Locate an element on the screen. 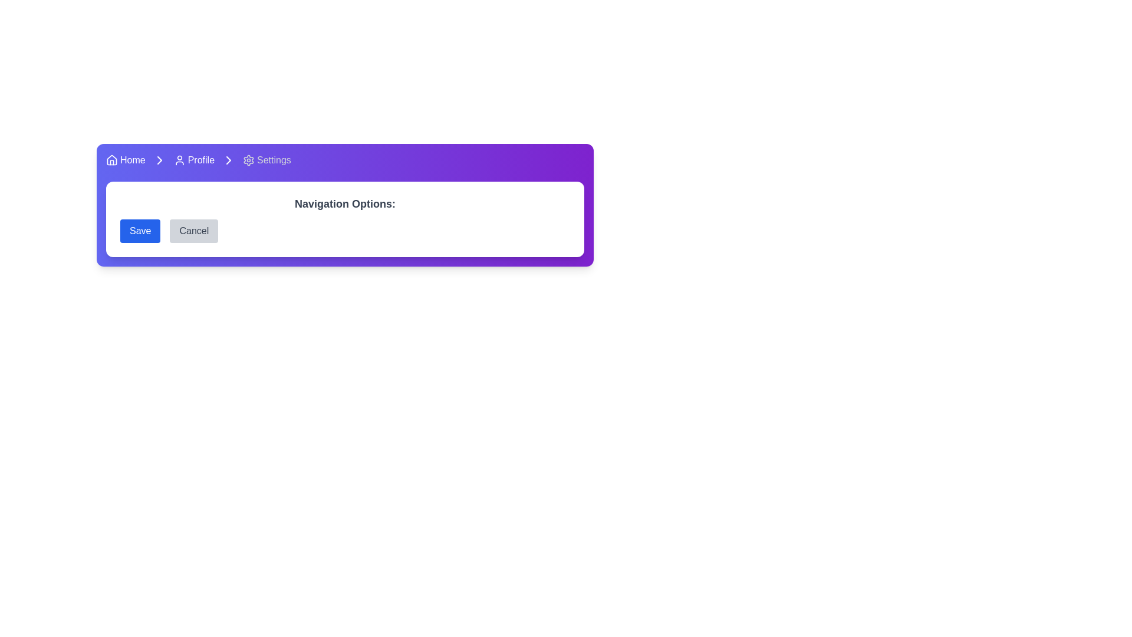 Image resolution: width=1132 pixels, height=637 pixels. navigational icon located between the 'Profile' and 'Settings' sections in the horizontal navigation bar is located at coordinates (229, 160).